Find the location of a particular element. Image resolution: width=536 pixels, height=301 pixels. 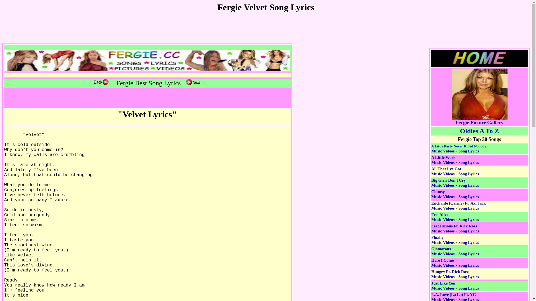

'Feel Alive is located at coordinates (442, 217).